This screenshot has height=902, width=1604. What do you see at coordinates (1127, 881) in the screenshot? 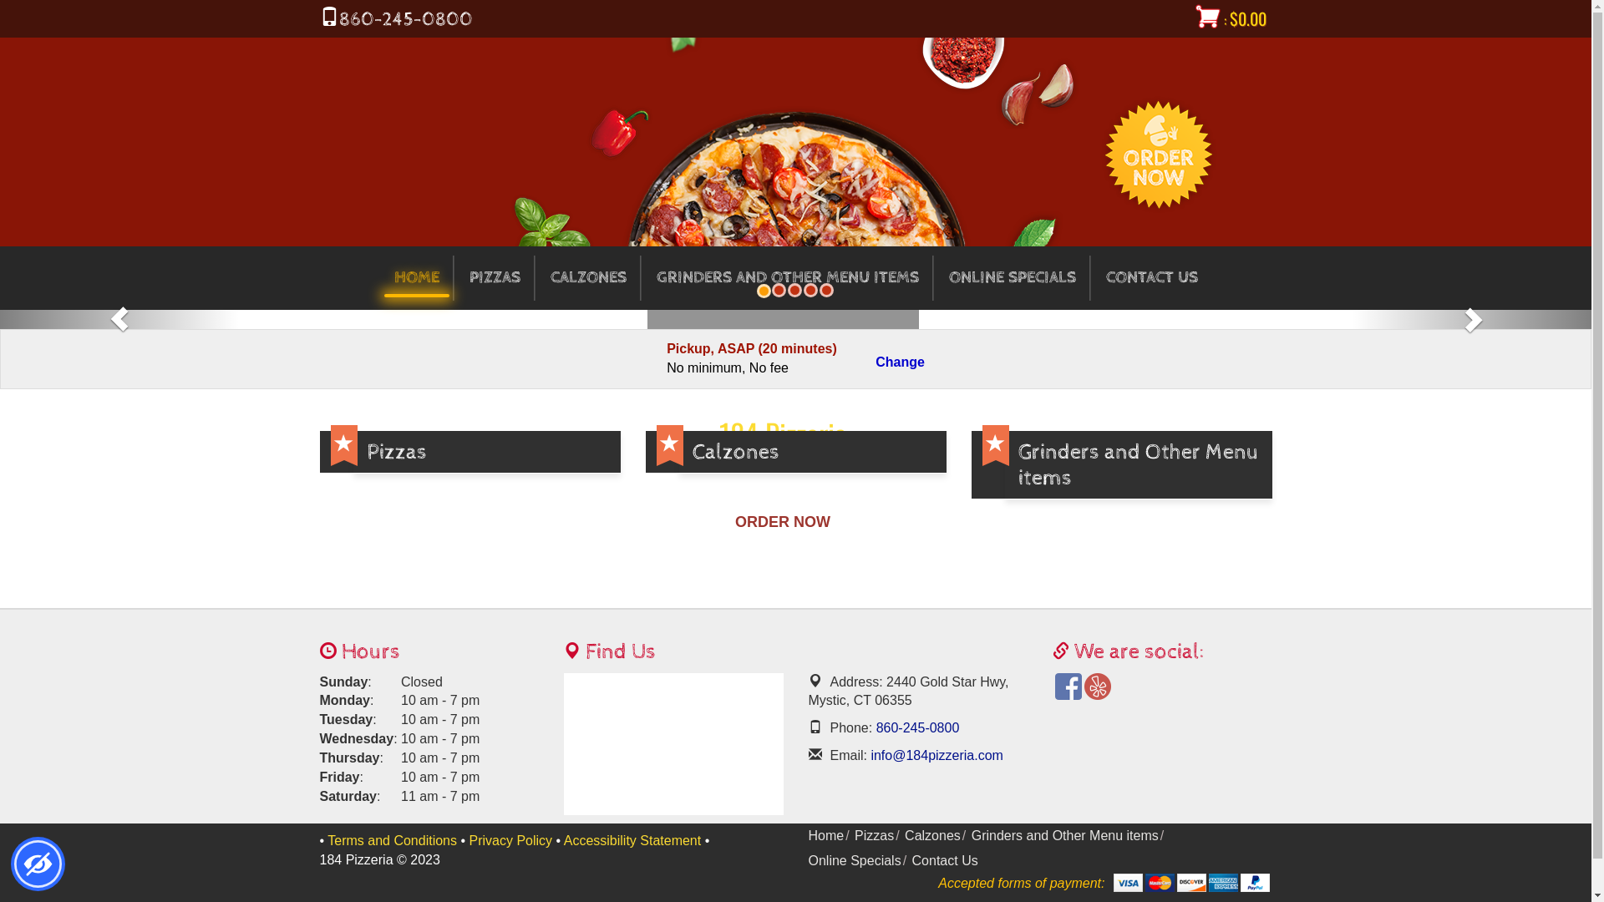
I see `'Visa'` at bounding box center [1127, 881].